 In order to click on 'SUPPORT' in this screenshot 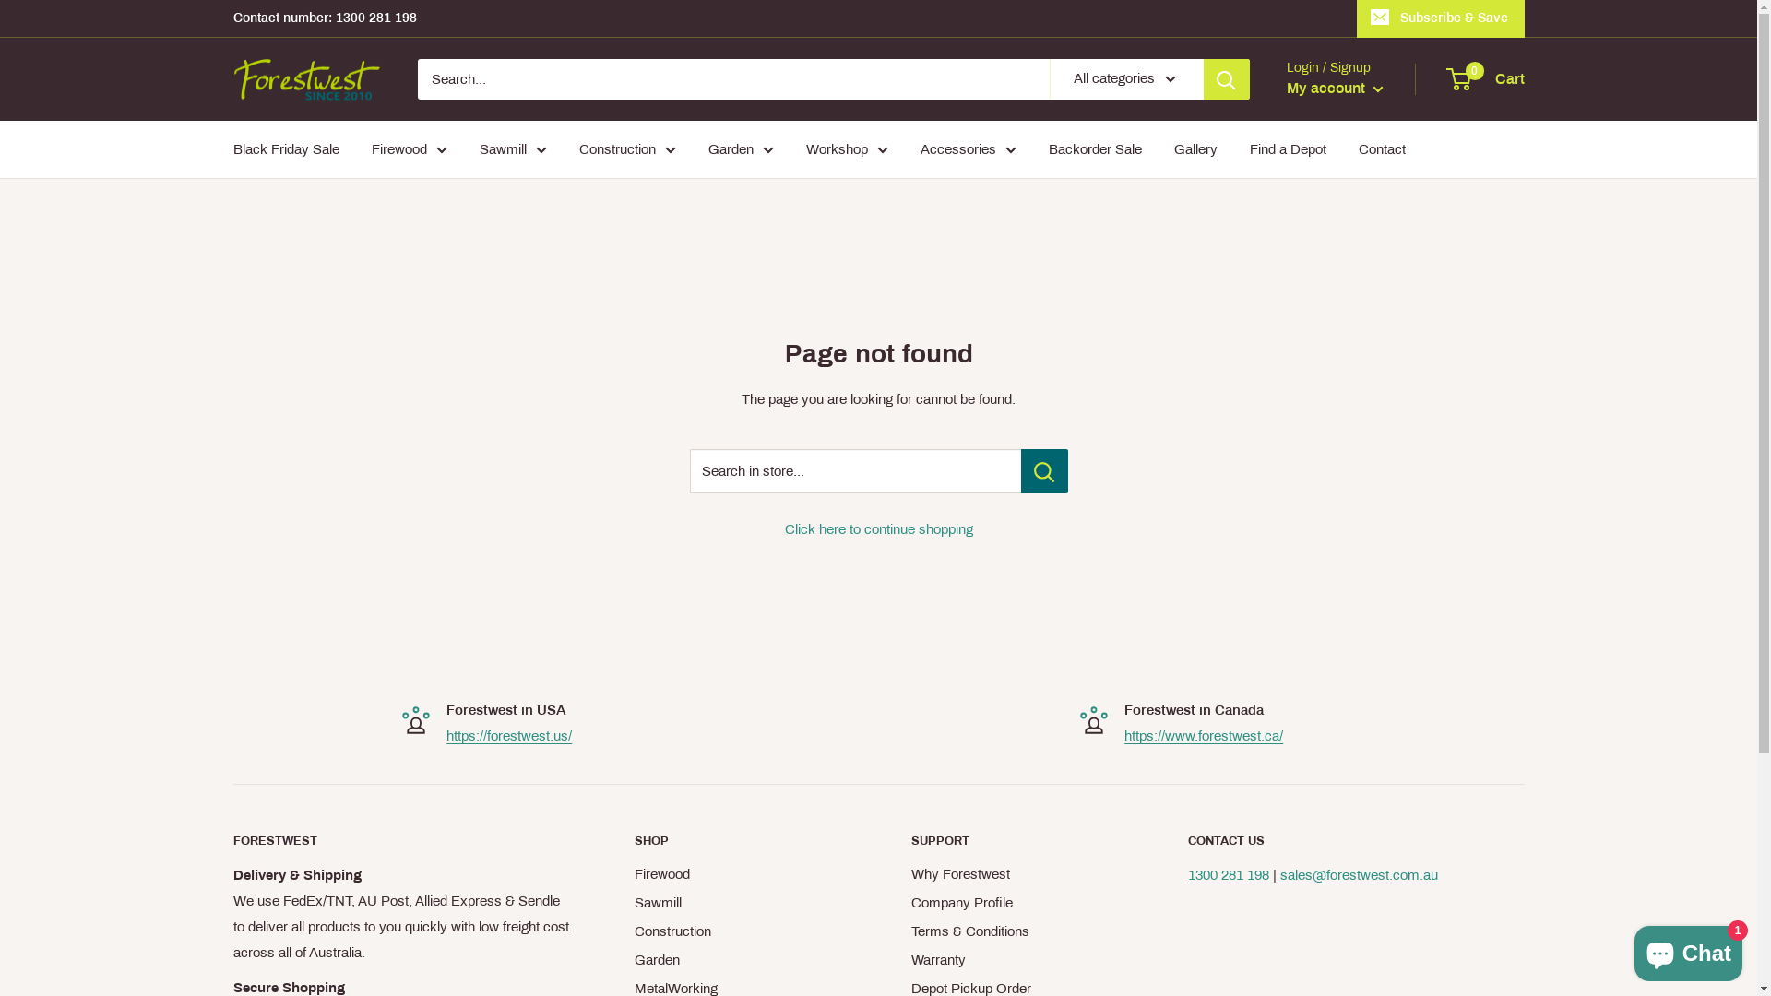, I will do `click(1016, 840)`.